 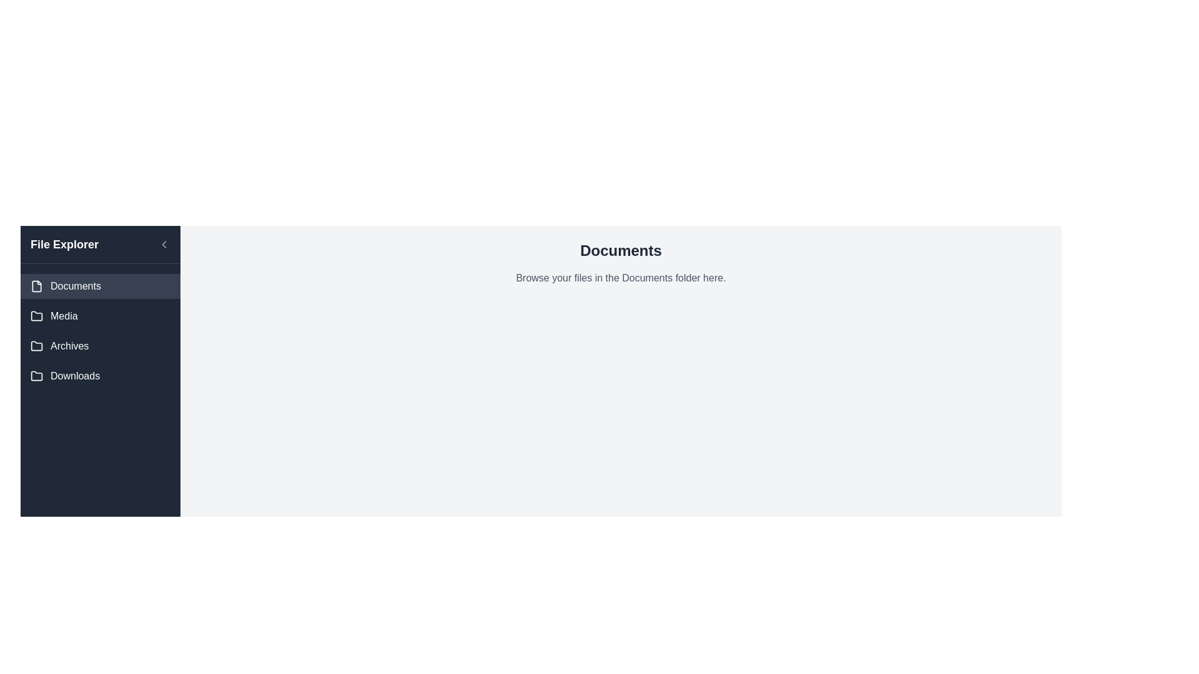 I want to click on the text label displaying 'Documents', which is styled in white on a dark blue background and is the first item in the sidebar menu list, so click(x=75, y=286).